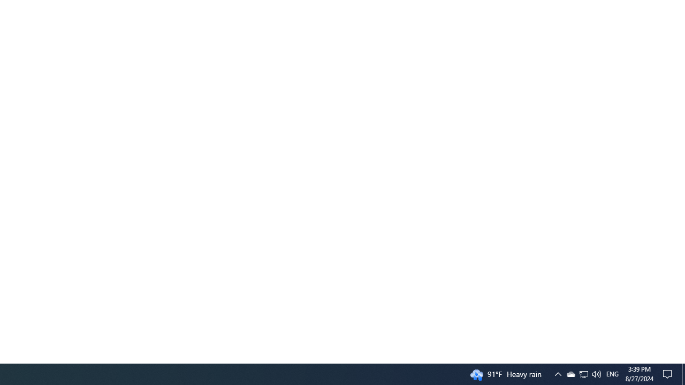  I want to click on 'Notification Chevron', so click(557, 373).